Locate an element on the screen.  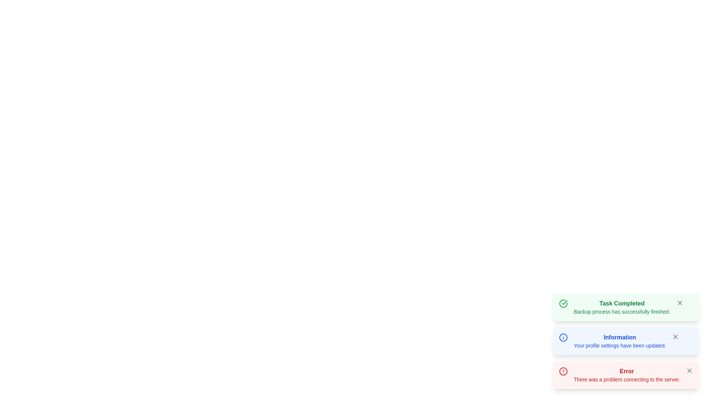
the error notification text display component located at the bottom of the notification card stack on the right side of the interface, which is the third card in order is located at coordinates (626, 375).